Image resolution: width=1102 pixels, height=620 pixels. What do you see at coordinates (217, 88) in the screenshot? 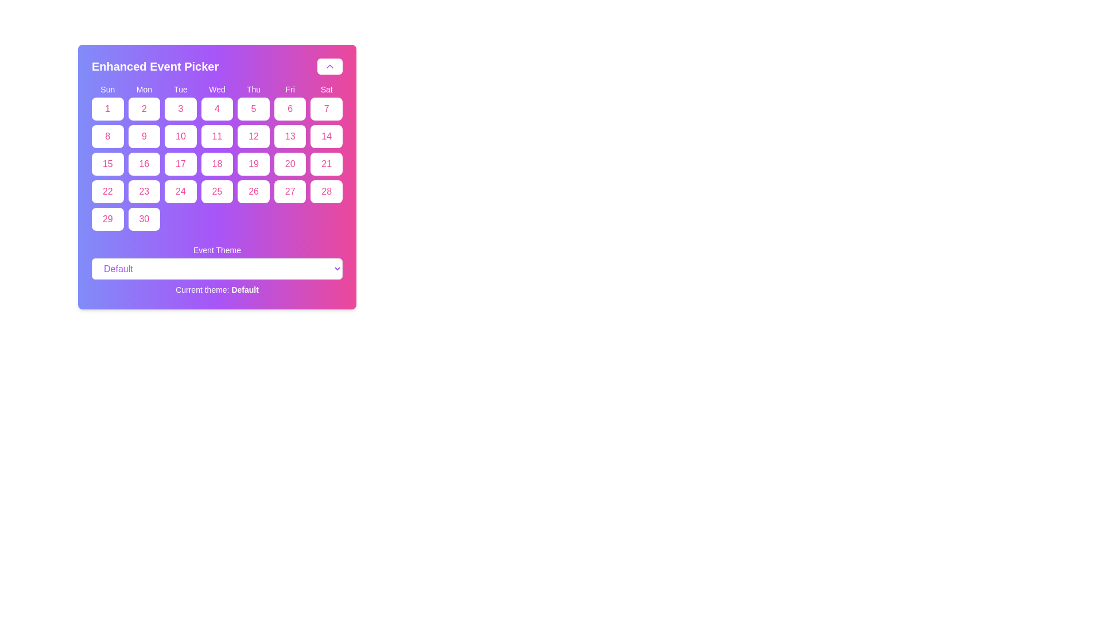
I see `the static text label representing 'Wednesday' in the weekday row of the calendar header` at bounding box center [217, 88].